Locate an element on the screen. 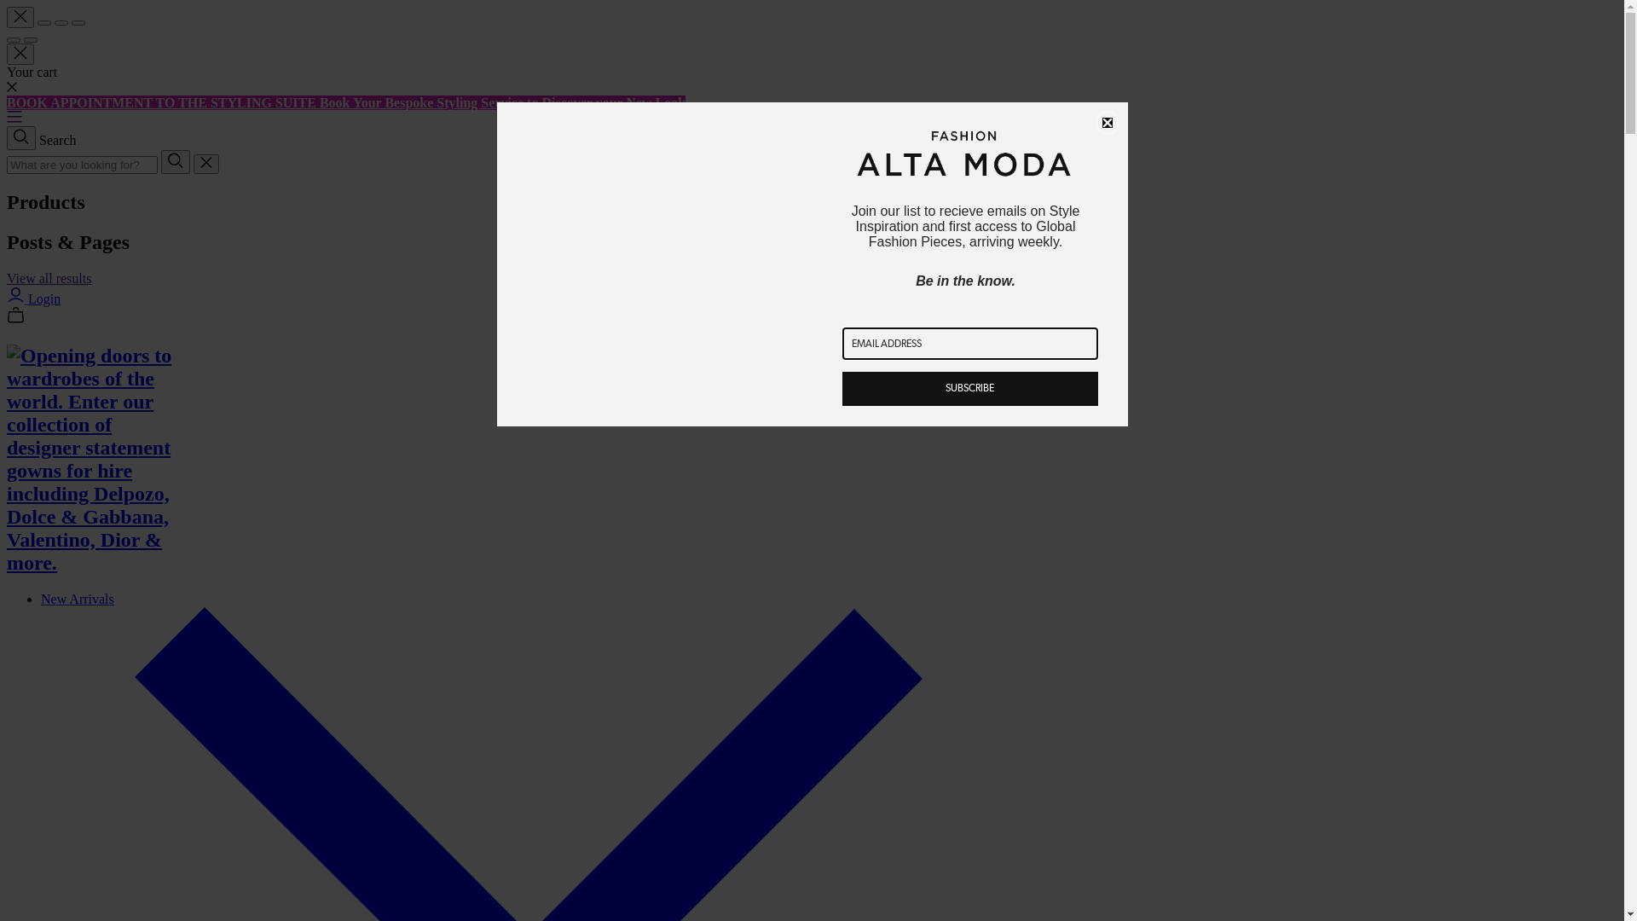 This screenshot has width=1637, height=921. 'View all results' is located at coordinates (7, 277).